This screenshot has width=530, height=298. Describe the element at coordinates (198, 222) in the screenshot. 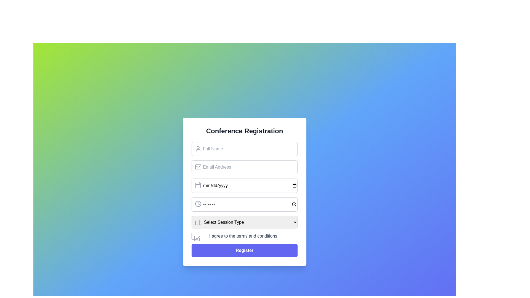

I see `the left vertical bar of the suitcase-like icon, which is outlined in gray and part of the 'Select Session Type' dropdown field` at that location.